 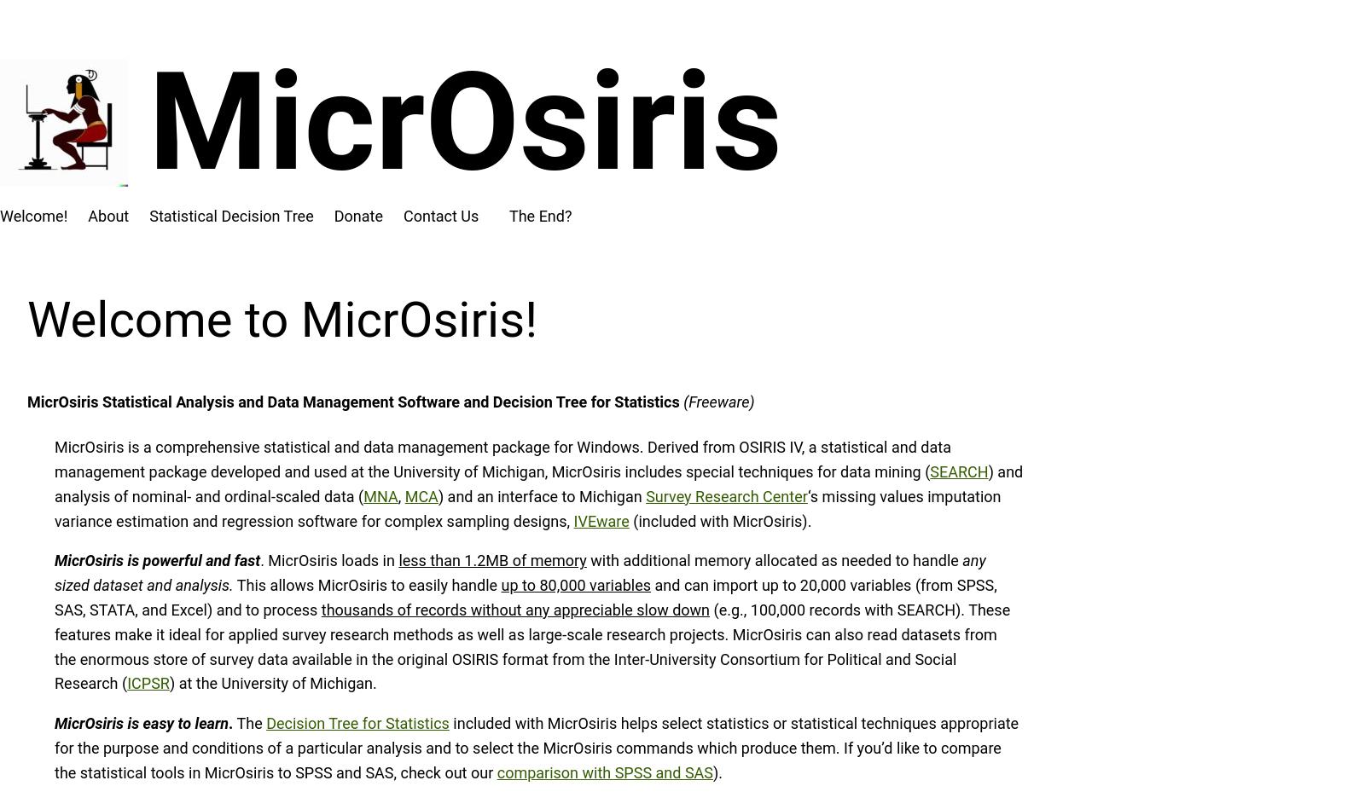 I want to click on ') at the University of Michigan.', so click(x=167, y=682).